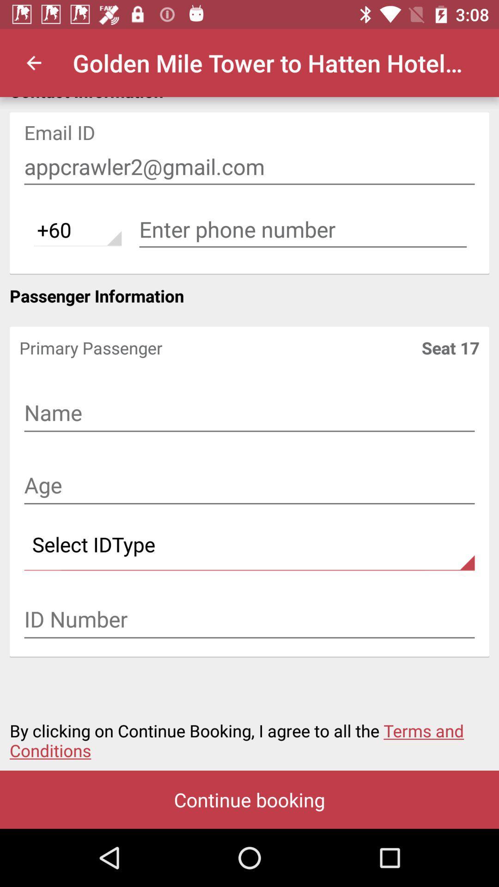 The width and height of the screenshot is (499, 887). Describe the element at coordinates (249, 413) in the screenshot. I see `input name` at that location.